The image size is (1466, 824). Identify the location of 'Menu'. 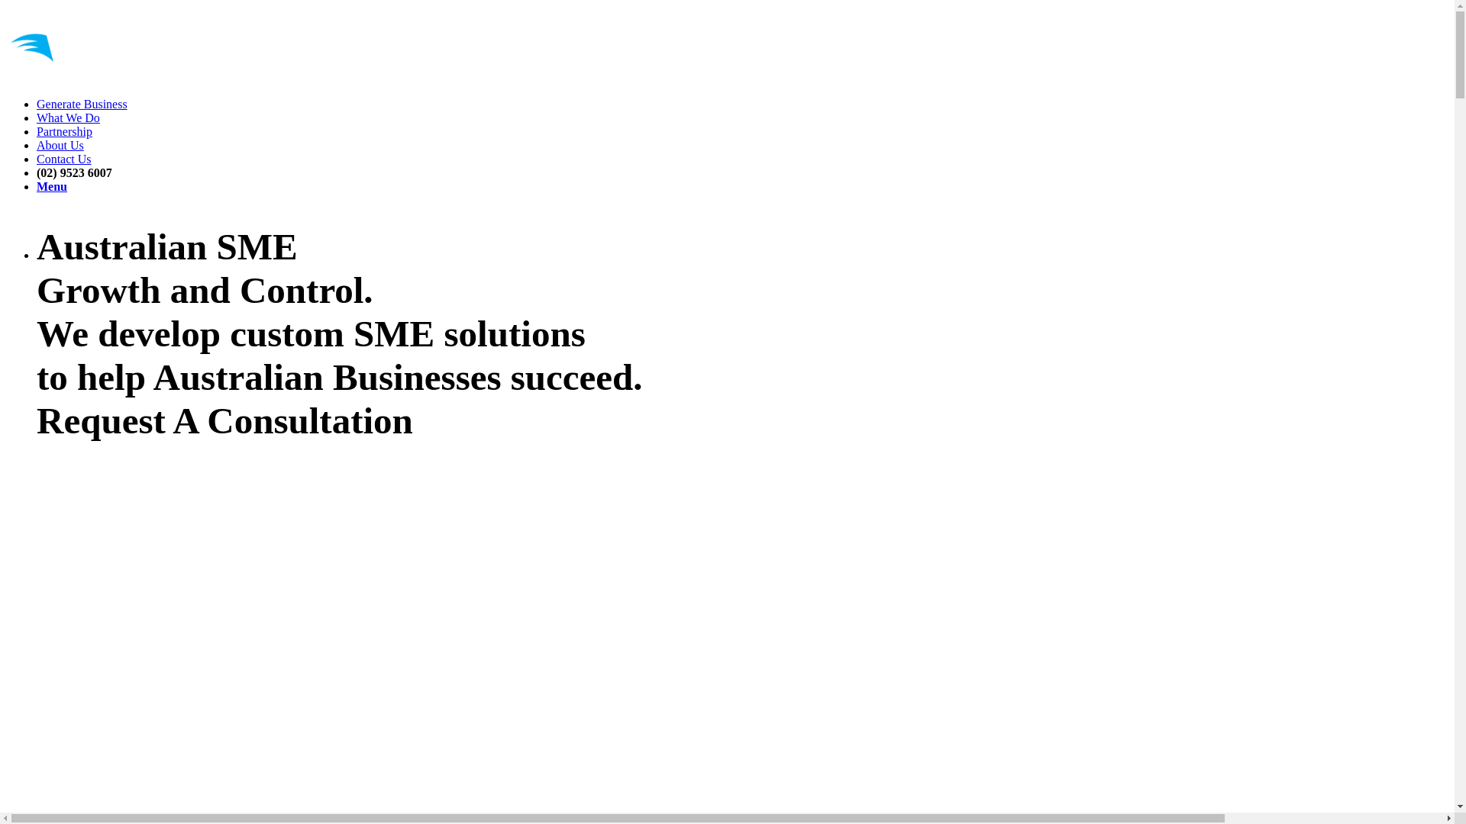
(51, 185).